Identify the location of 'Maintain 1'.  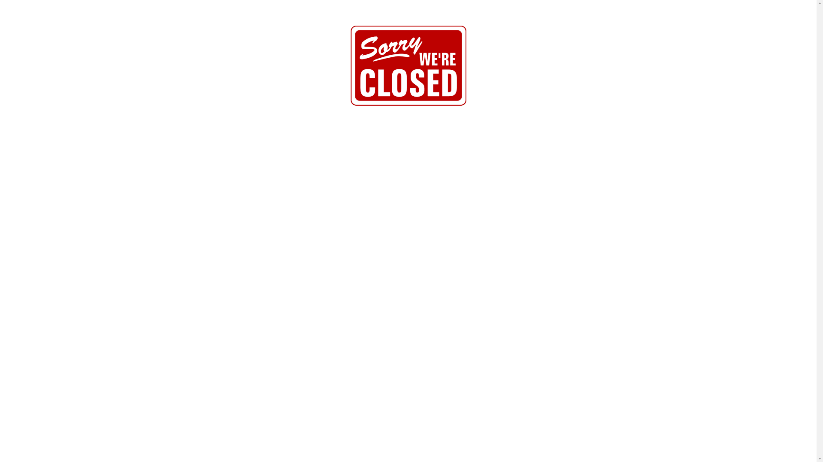
(408, 65).